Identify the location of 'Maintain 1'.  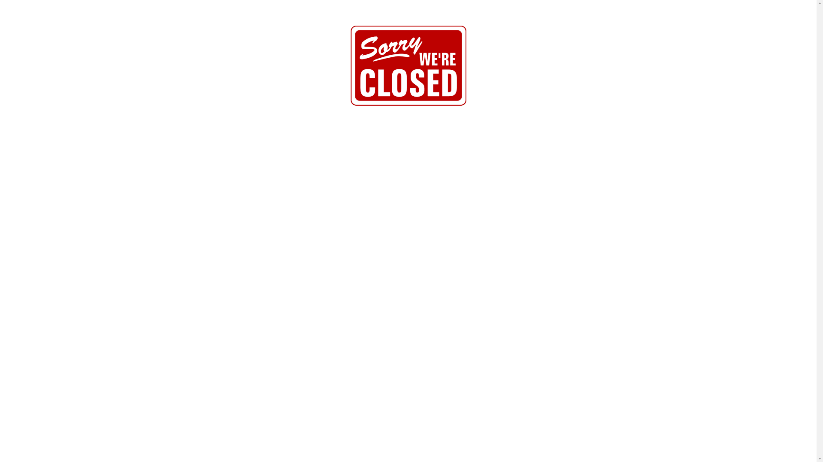
(408, 65).